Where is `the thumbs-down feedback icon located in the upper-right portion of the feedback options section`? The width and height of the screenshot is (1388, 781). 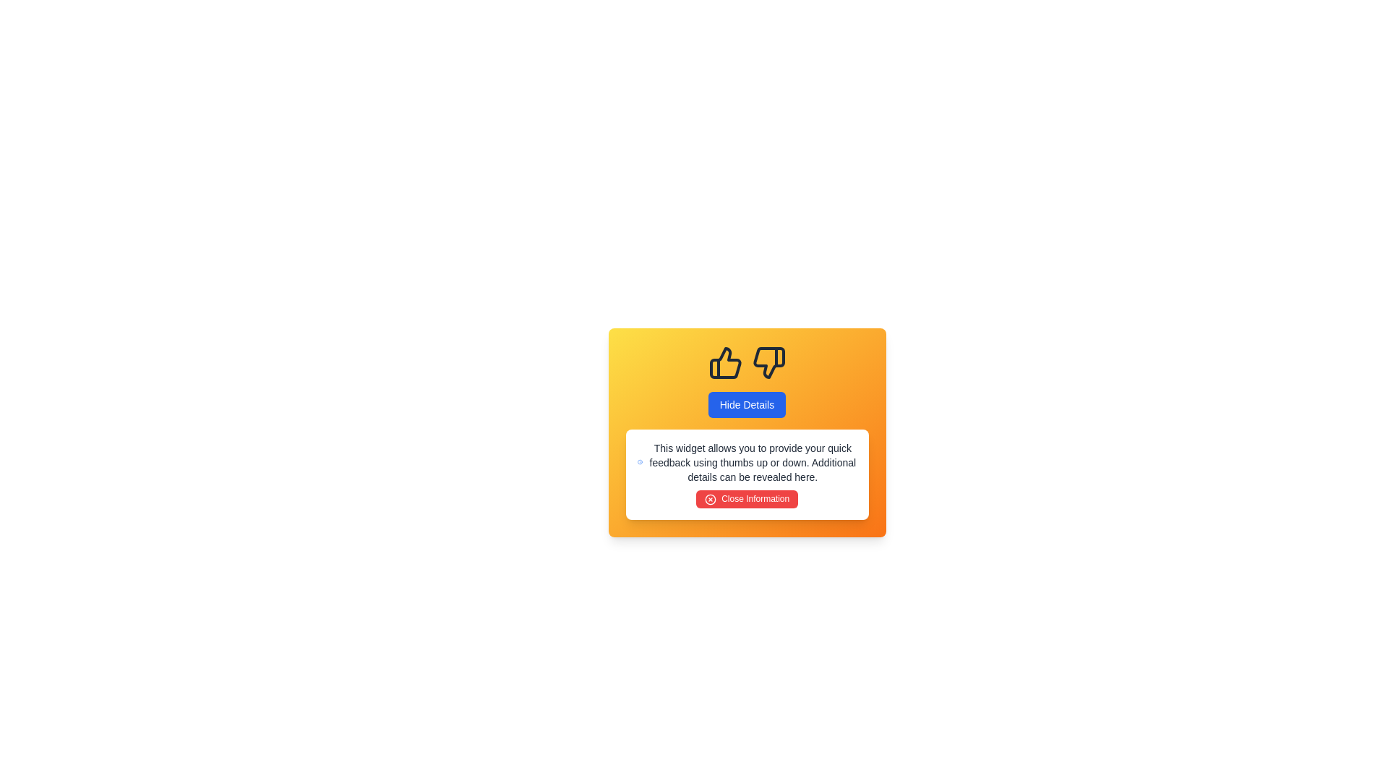 the thumbs-down feedback icon located in the upper-right portion of the feedback options section is located at coordinates (768, 362).